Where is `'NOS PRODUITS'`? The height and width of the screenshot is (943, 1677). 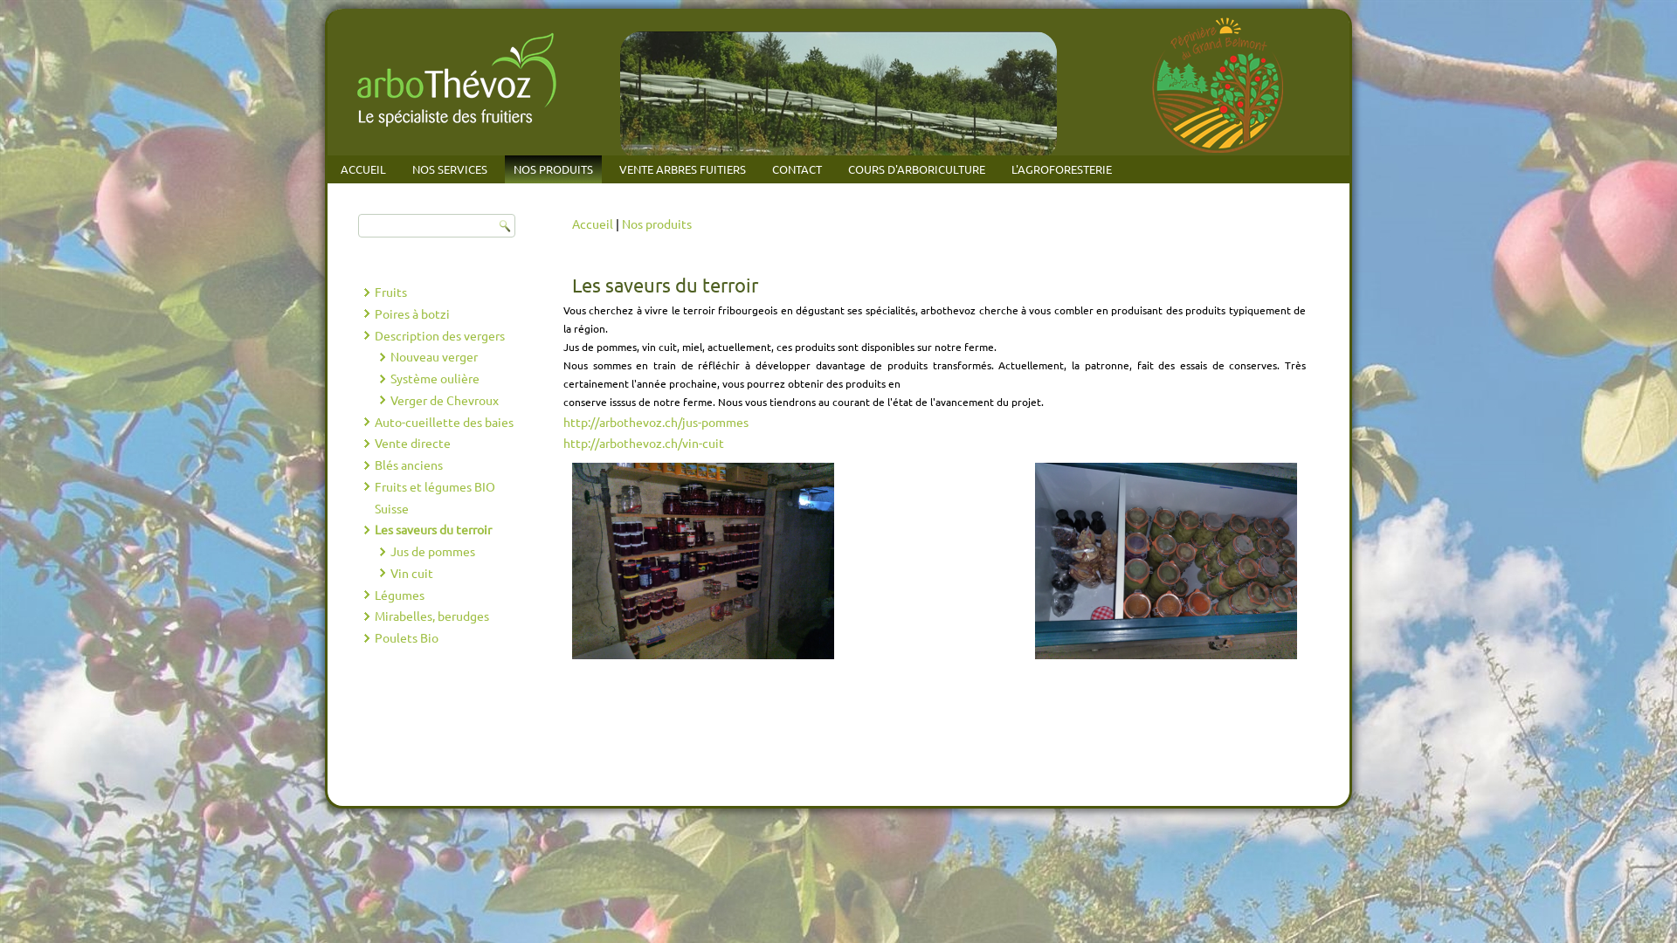
'NOS PRODUITS' is located at coordinates (552, 169).